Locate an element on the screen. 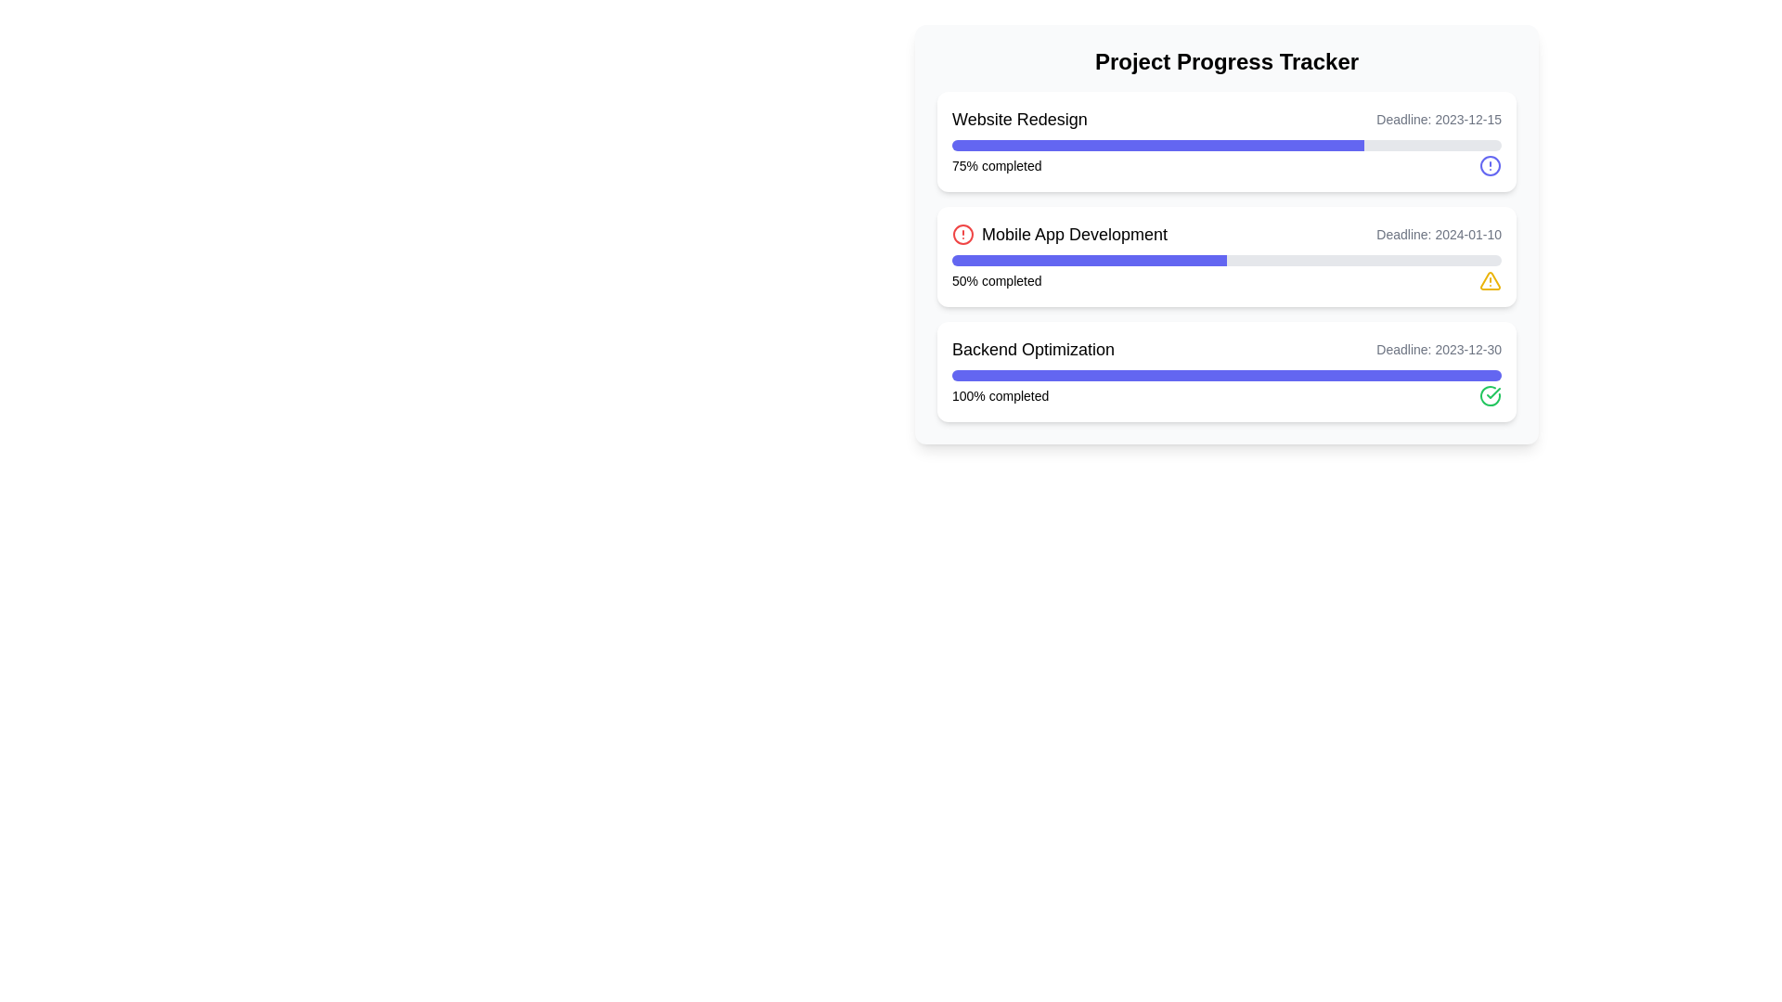  the yellow triangle alert icon with a black outline and an exclamation mark, located at the far right of the 'Mobile App Development' progress tracker row to associate it with the progress tracker is located at coordinates (1491, 281).